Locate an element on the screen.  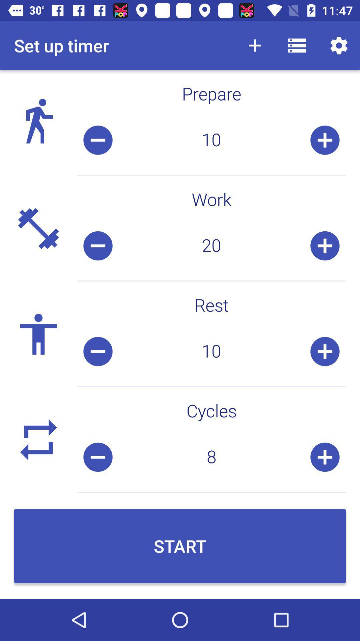
the minus icon is located at coordinates (98, 245).